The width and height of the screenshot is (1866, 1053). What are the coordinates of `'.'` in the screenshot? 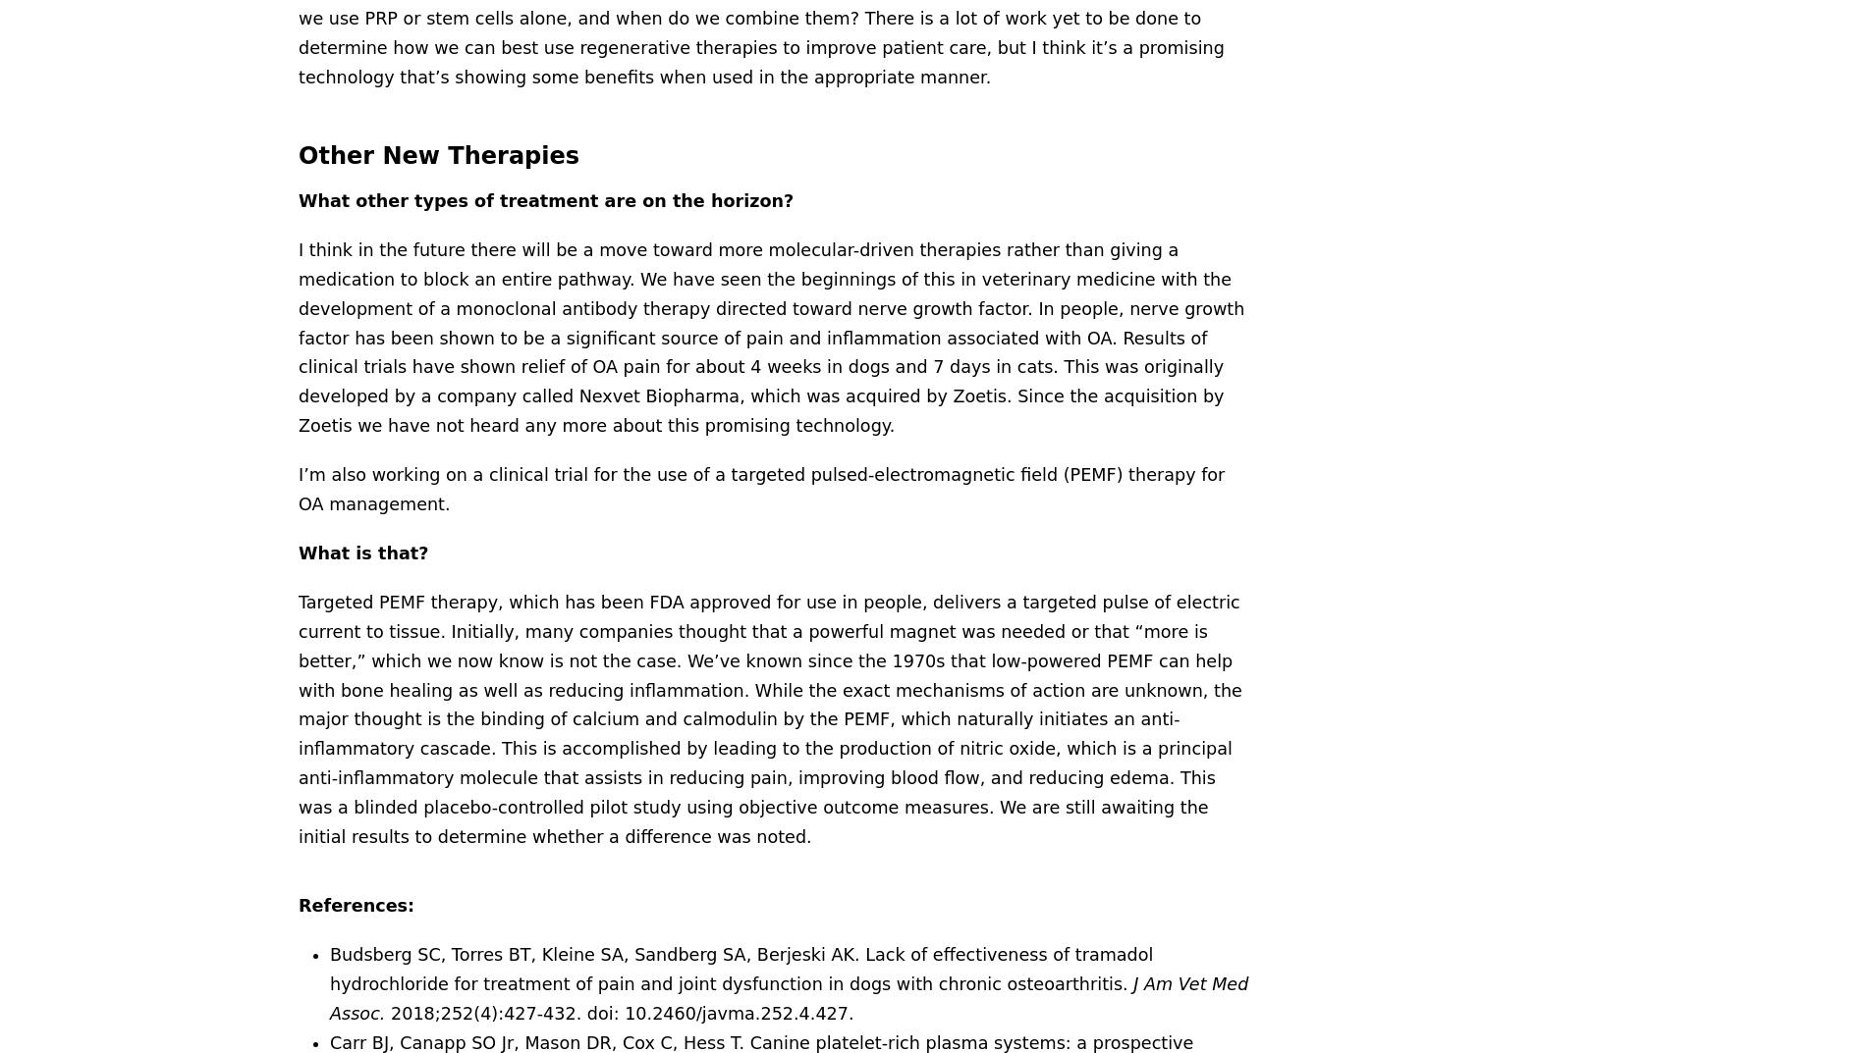 It's located at (850, 1013).